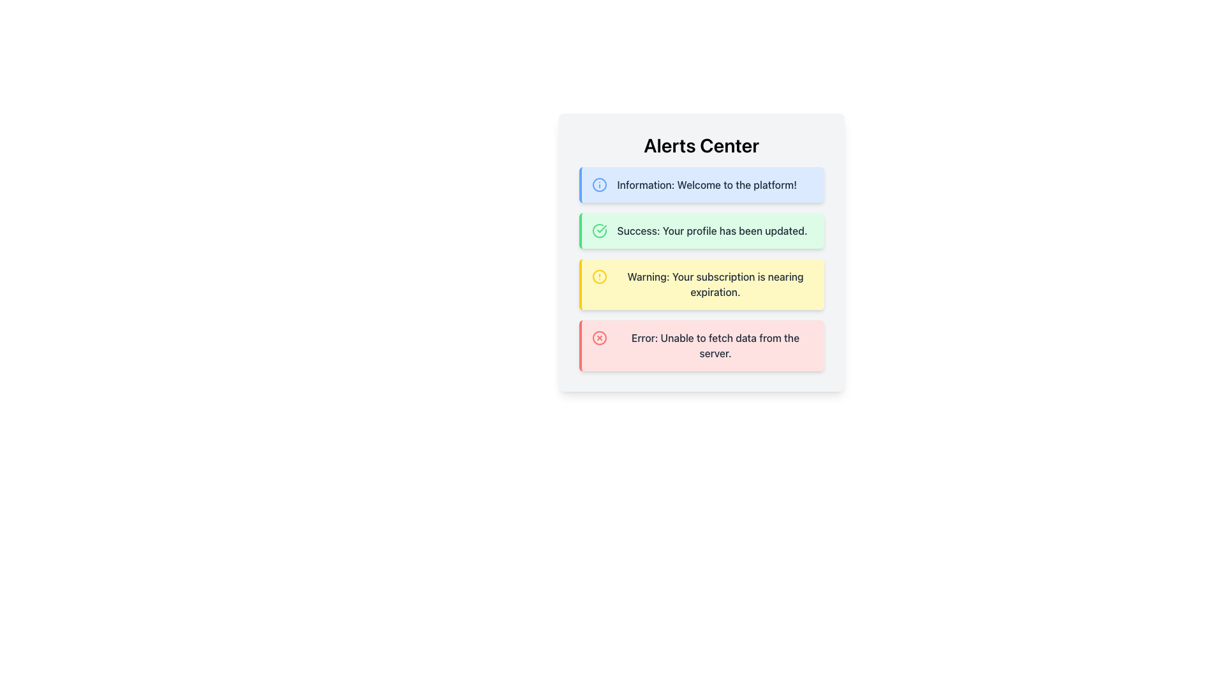 The height and width of the screenshot is (689, 1225). I want to click on the circular success icon with a green outline and check mark, located to the left of the 'Success: Your profile has been updated.' message in the green notification box, so click(604, 231).